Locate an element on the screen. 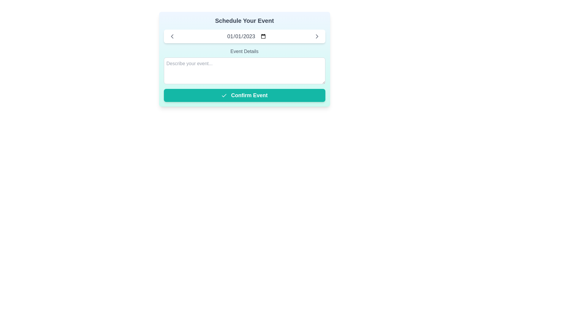 The image size is (570, 320). the static text element that provides guidance for the event details input field, located just below the date picker and above the multiline text input titled 'Describe your event...' is located at coordinates (244, 51).